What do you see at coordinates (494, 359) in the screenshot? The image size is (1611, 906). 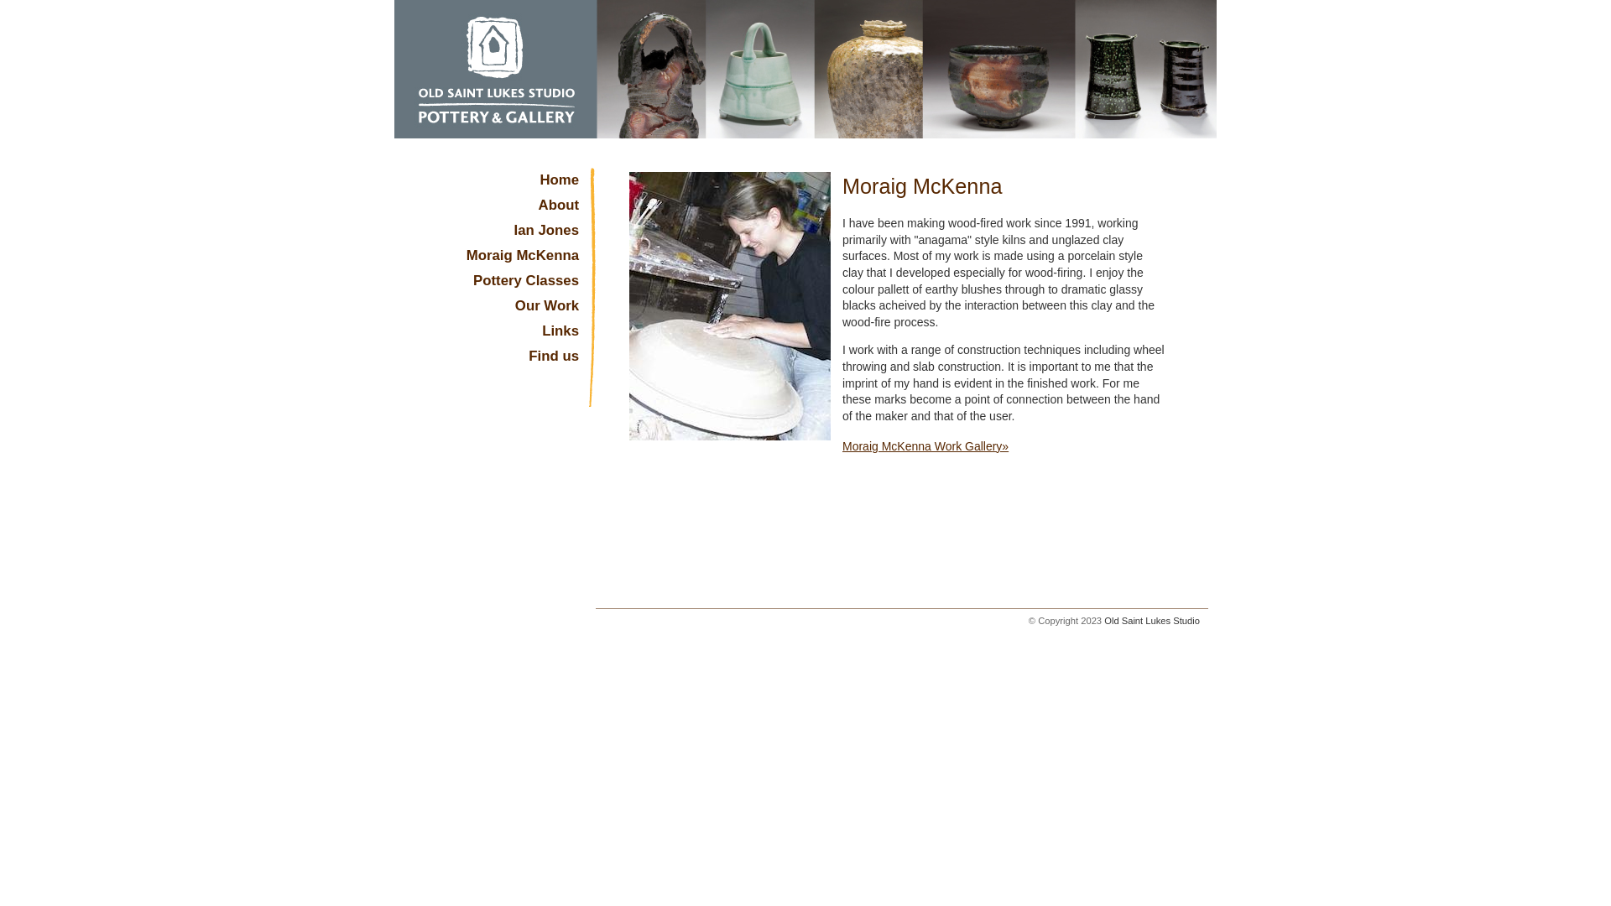 I see `'Find us'` at bounding box center [494, 359].